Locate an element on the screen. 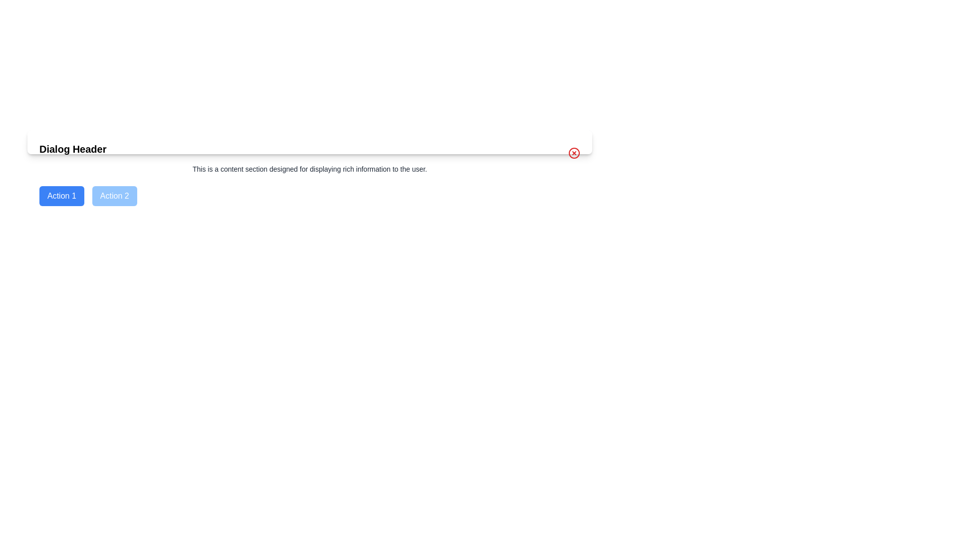  the primary action button located in the bottom-left section of the dialog window is located at coordinates (61, 196).